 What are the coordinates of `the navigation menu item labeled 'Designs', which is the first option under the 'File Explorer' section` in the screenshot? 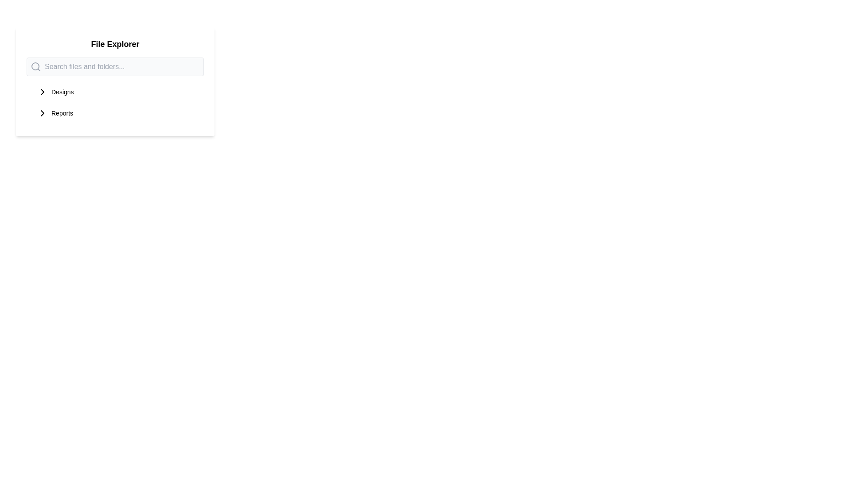 It's located at (118, 92).